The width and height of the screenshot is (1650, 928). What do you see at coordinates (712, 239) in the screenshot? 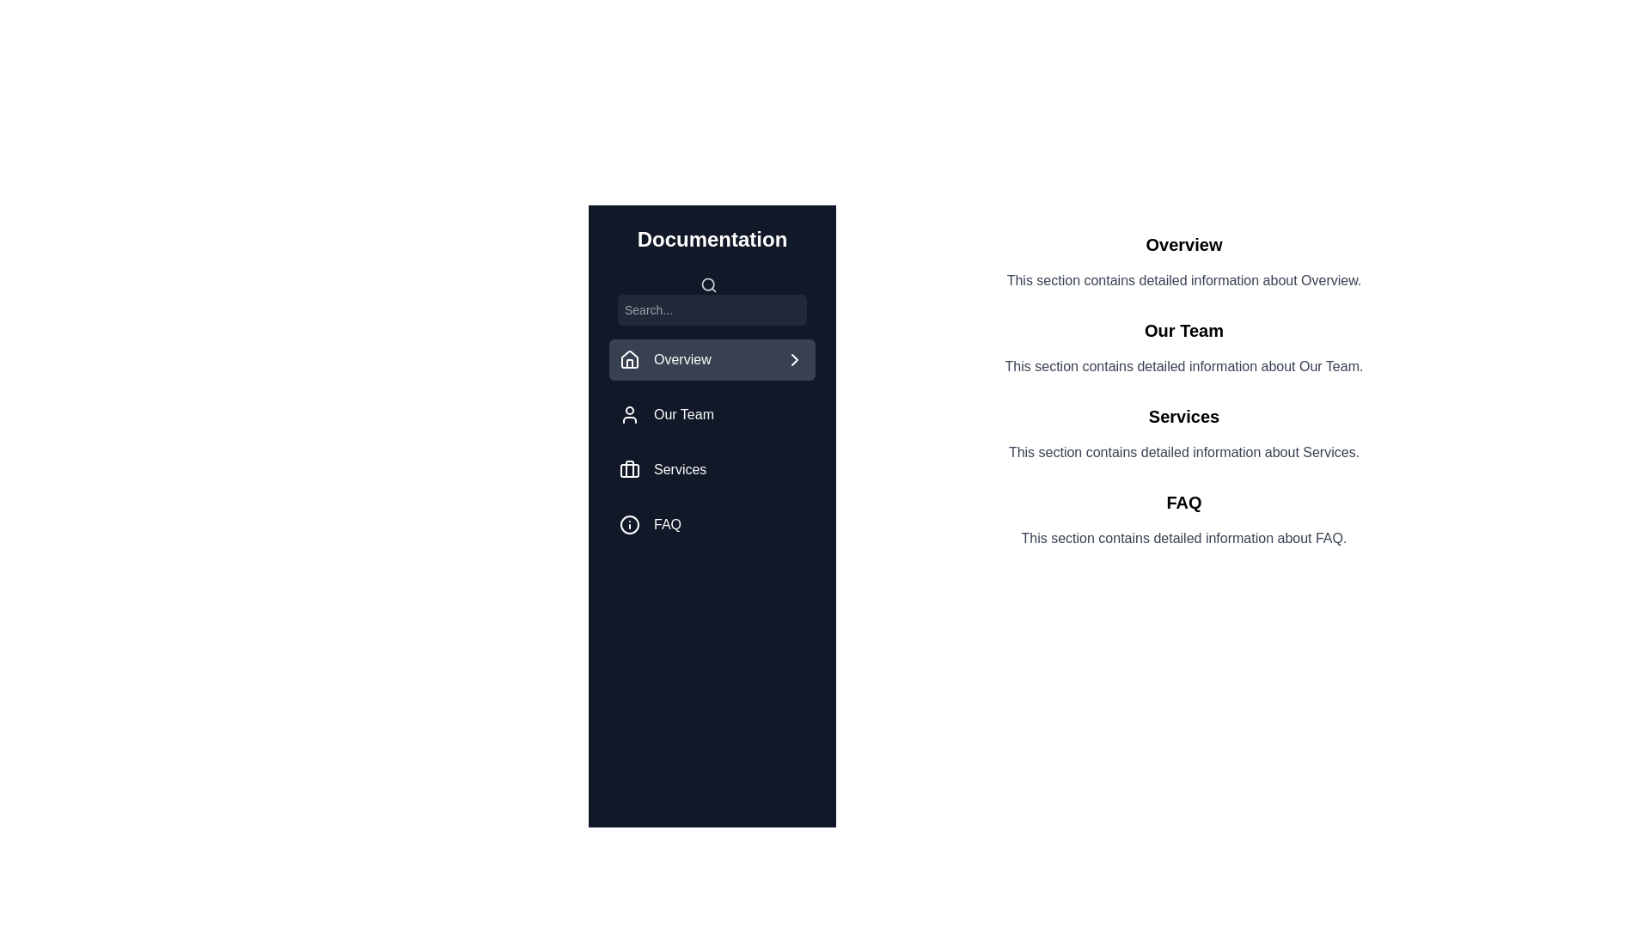
I see `the bold header text label 'Documentation' at the top of the vertical sidebar, which is styled with a large white font against a dark background` at bounding box center [712, 239].